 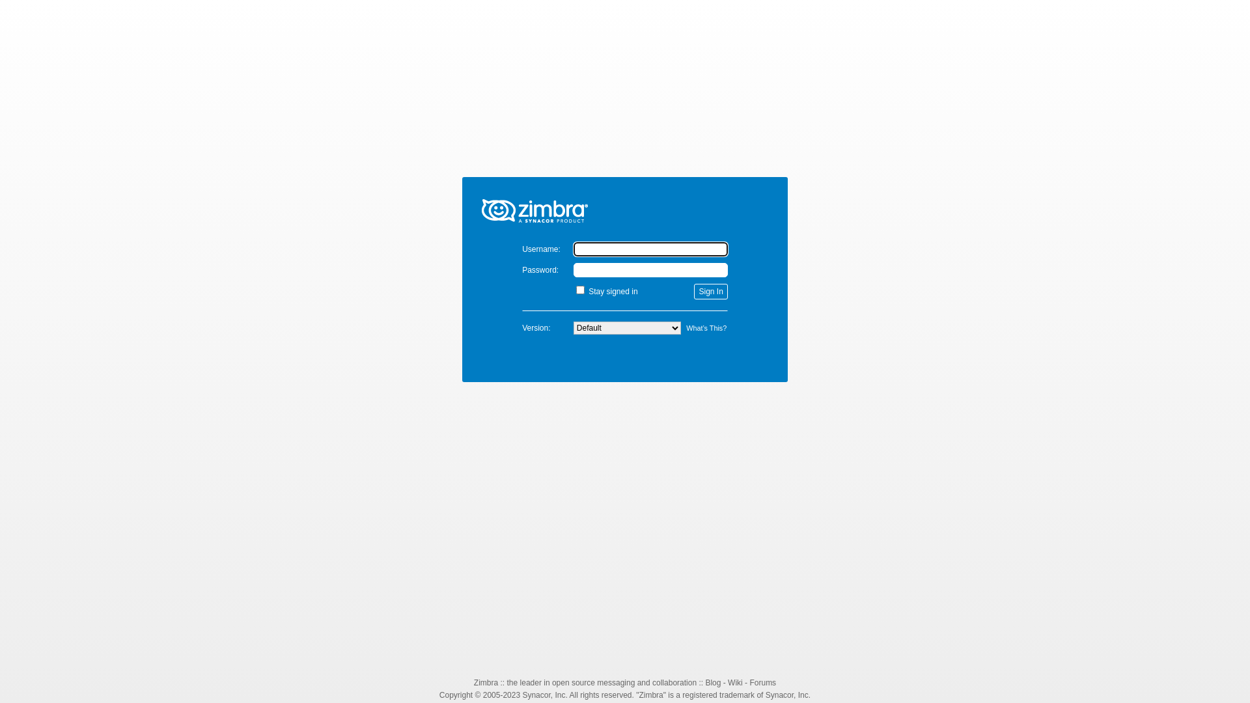 What do you see at coordinates (704, 682) in the screenshot?
I see `'Blog'` at bounding box center [704, 682].